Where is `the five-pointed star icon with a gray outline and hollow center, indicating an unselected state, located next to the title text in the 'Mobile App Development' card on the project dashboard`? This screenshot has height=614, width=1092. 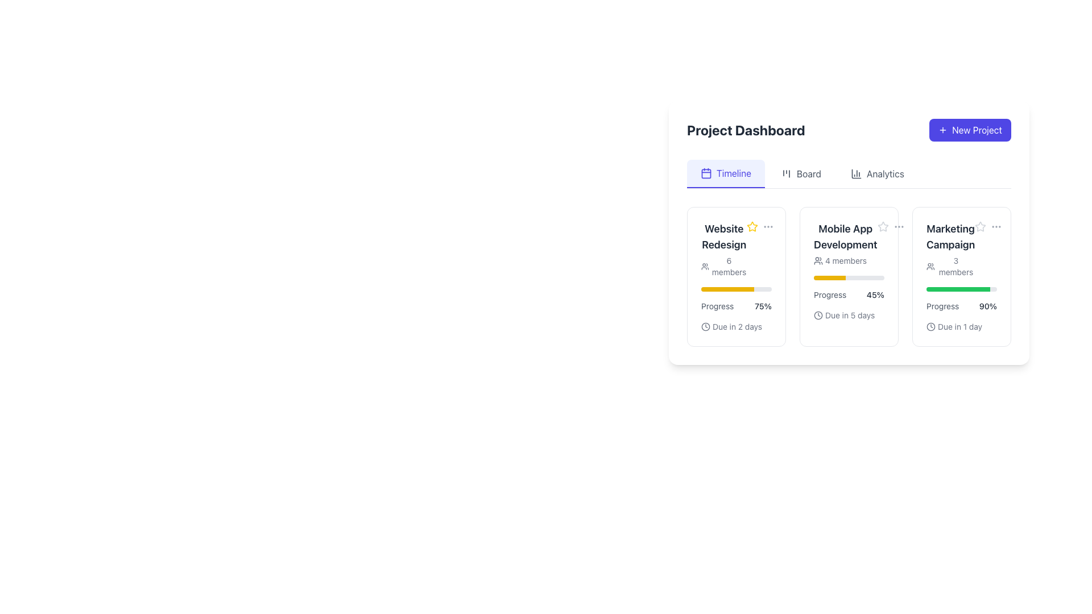 the five-pointed star icon with a gray outline and hollow center, indicating an unselected state, located next to the title text in the 'Mobile App Development' card on the project dashboard is located at coordinates (882, 226).